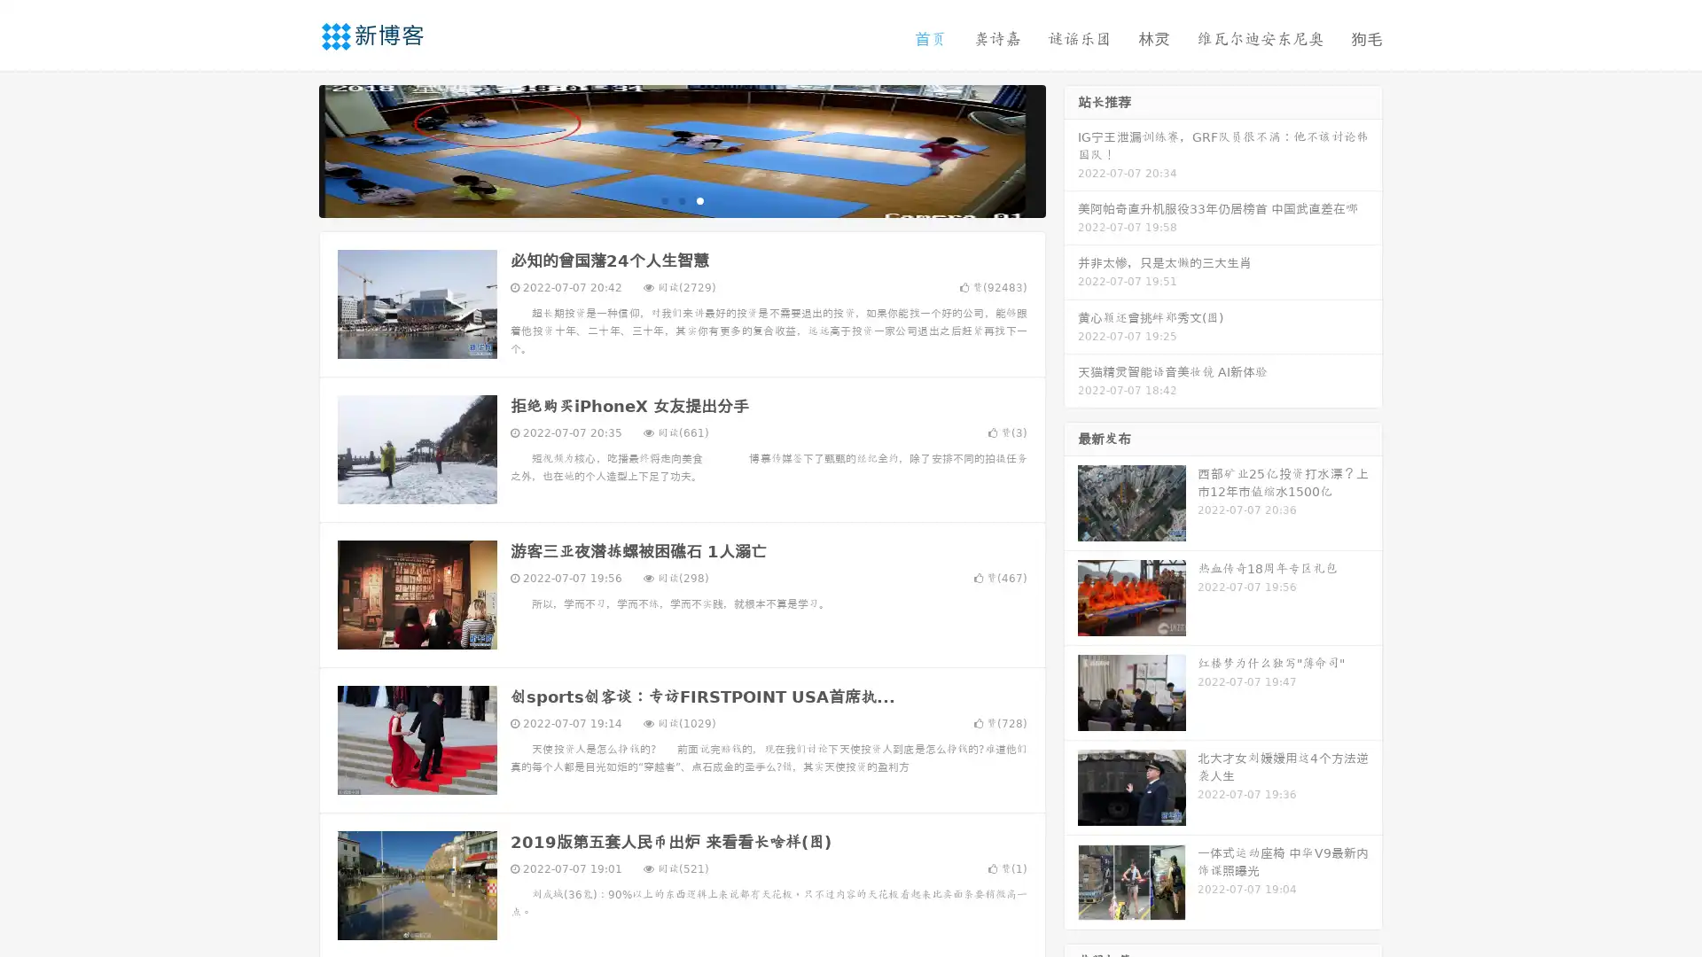 The width and height of the screenshot is (1702, 957). Describe the element at coordinates (663, 199) in the screenshot. I see `Go to slide 1` at that location.